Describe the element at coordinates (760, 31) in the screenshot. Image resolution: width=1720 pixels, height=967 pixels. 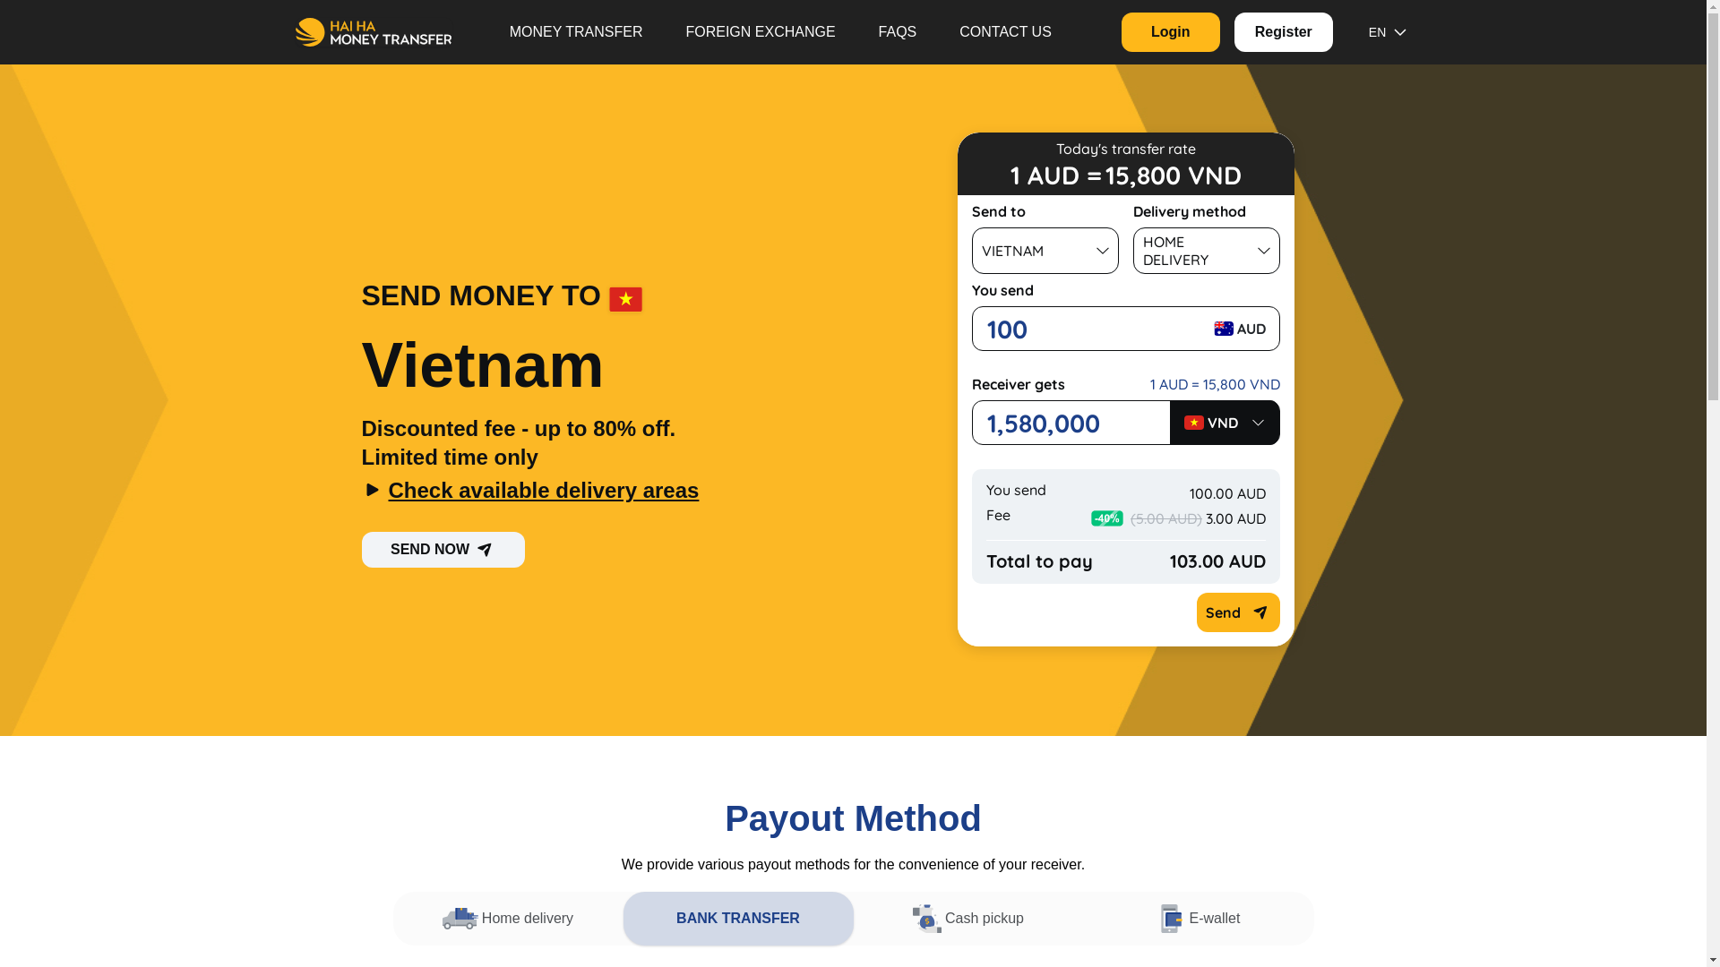
I see `'FOREIGN EXCHANGE'` at that location.